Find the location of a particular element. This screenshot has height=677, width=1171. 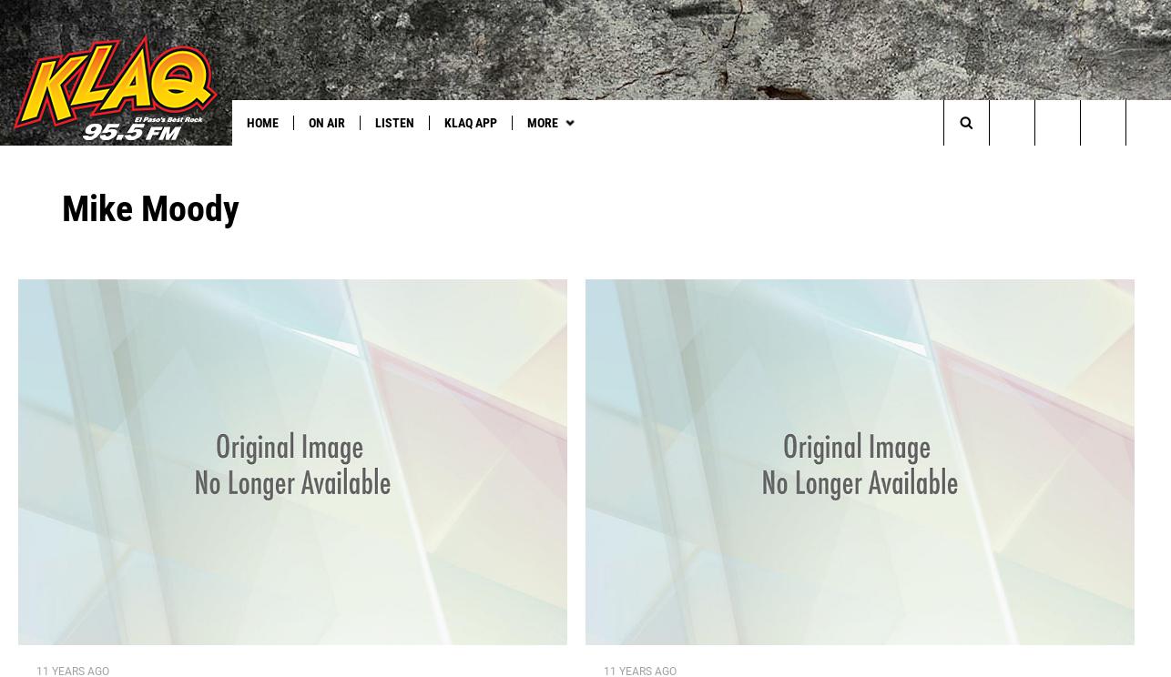

'See U2 in Vegas' is located at coordinates (137, 159).